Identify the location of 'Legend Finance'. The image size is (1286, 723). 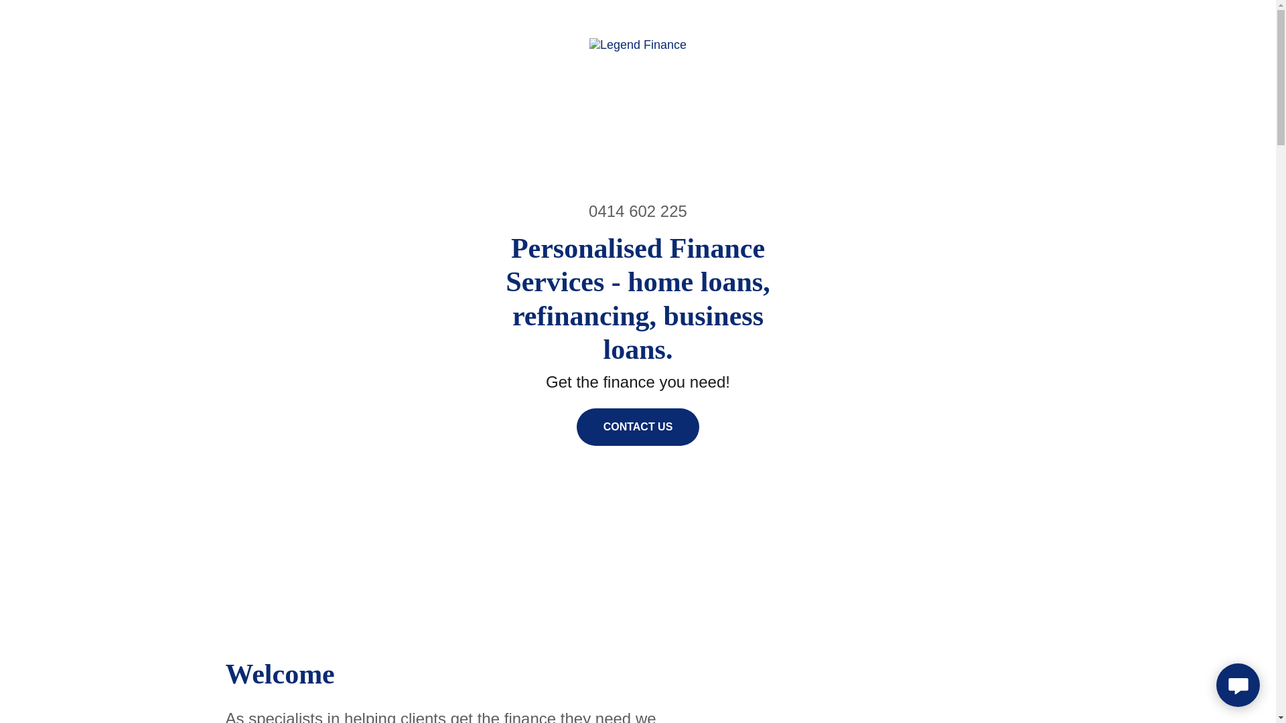
(637, 43).